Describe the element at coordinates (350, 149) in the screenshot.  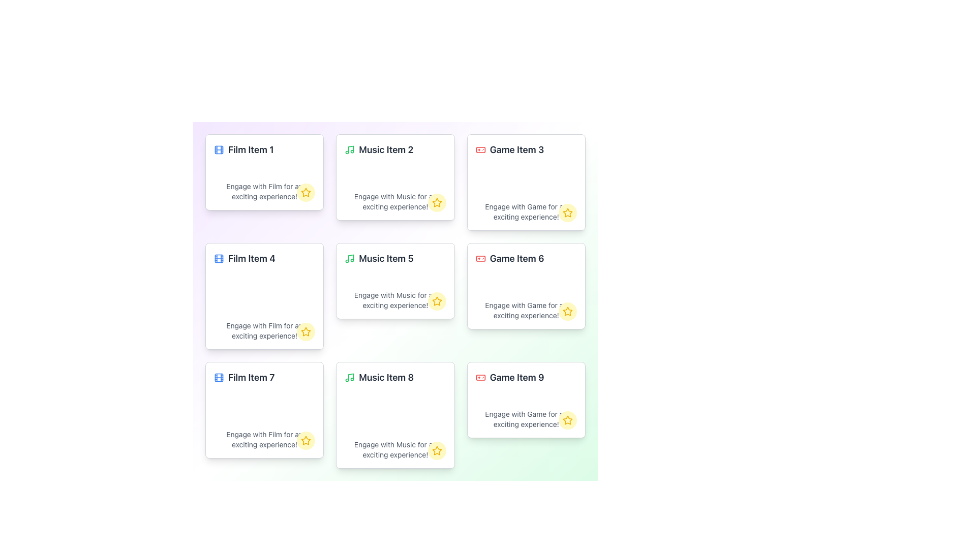
I see `the green musical symbol icon located to the left of the 'Music Item 2' title within the middle card of the top row` at that location.